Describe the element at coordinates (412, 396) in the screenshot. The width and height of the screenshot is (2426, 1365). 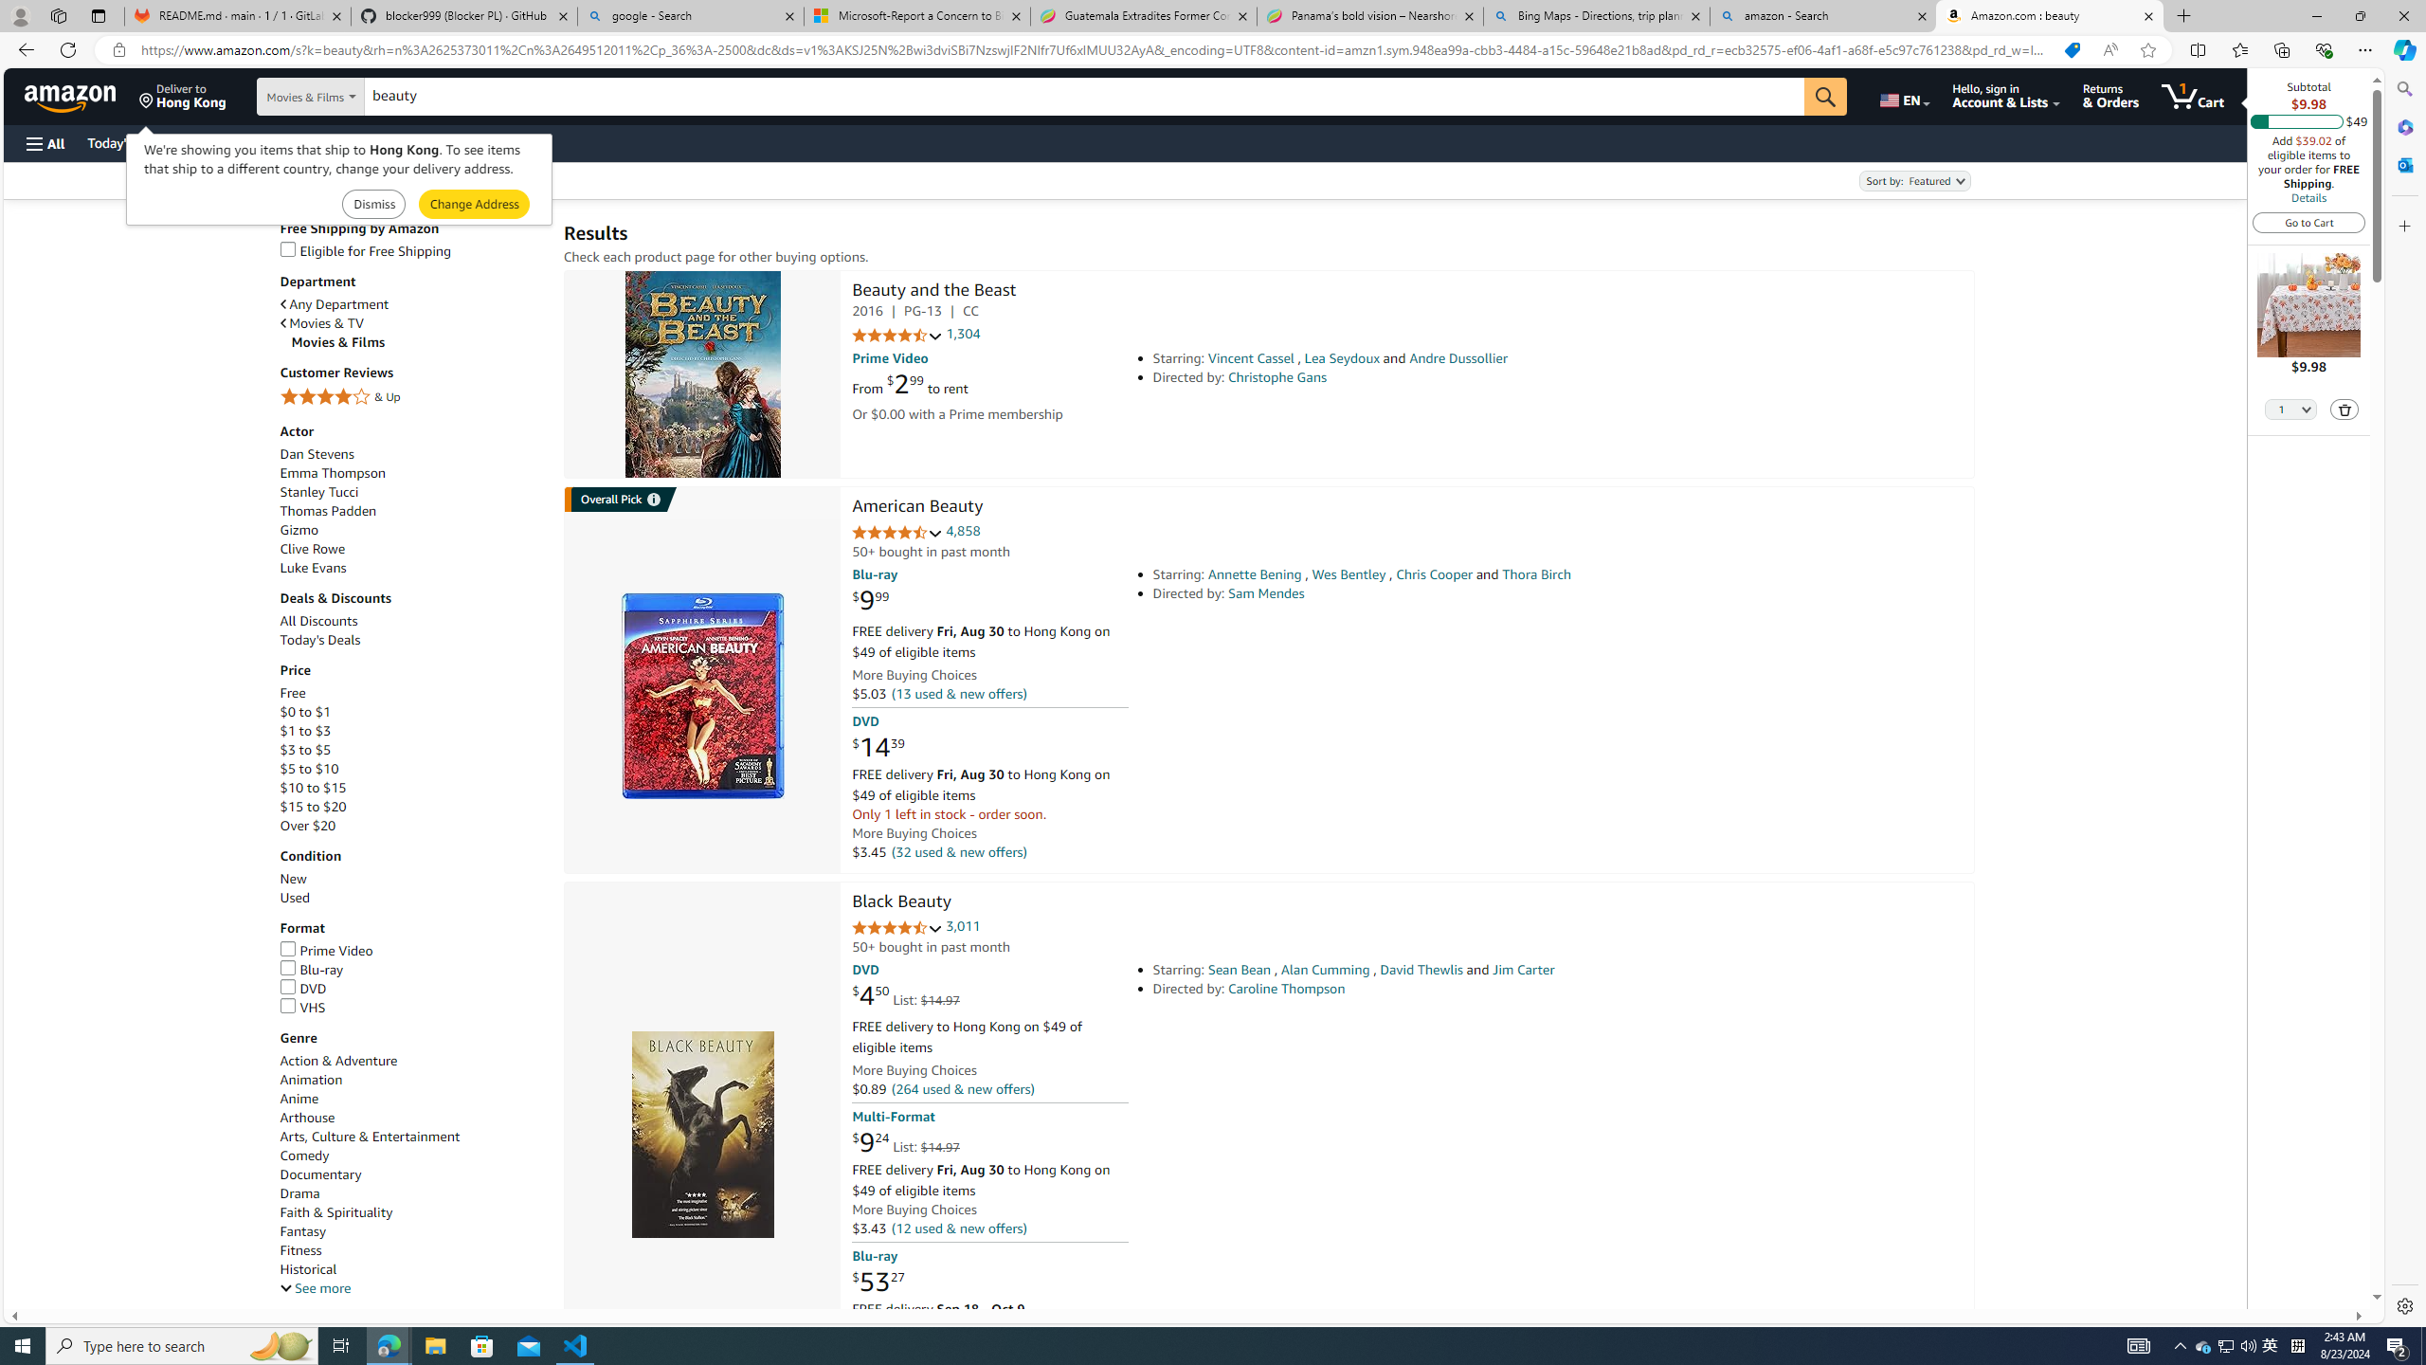
I see `'4 Stars & Up'` at that location.